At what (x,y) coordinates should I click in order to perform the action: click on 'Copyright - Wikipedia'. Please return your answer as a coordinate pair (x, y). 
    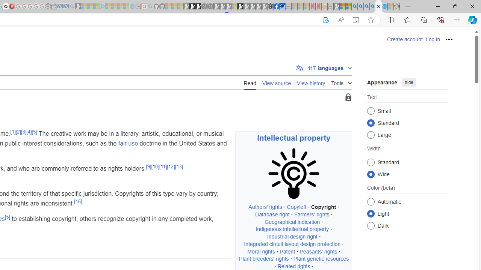
    Looking at the image, I should click on (378, 6).